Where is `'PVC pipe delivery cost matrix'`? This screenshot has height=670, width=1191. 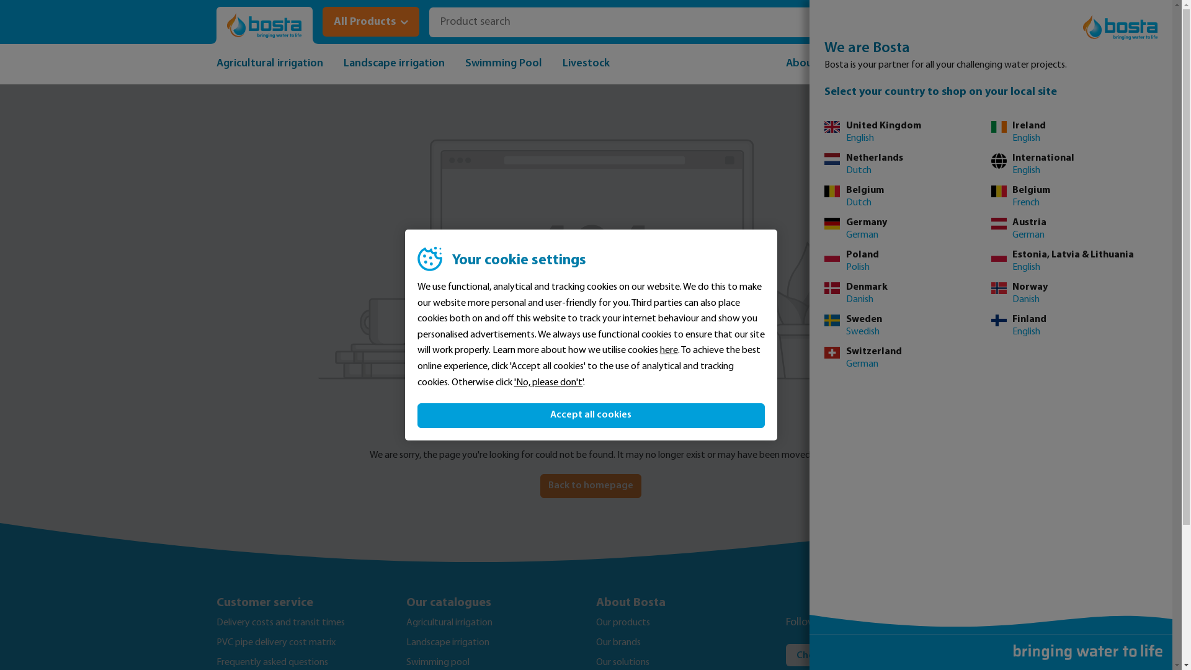
'PVC pipe delivery cost matrix' is located at coordinates (275, 642).